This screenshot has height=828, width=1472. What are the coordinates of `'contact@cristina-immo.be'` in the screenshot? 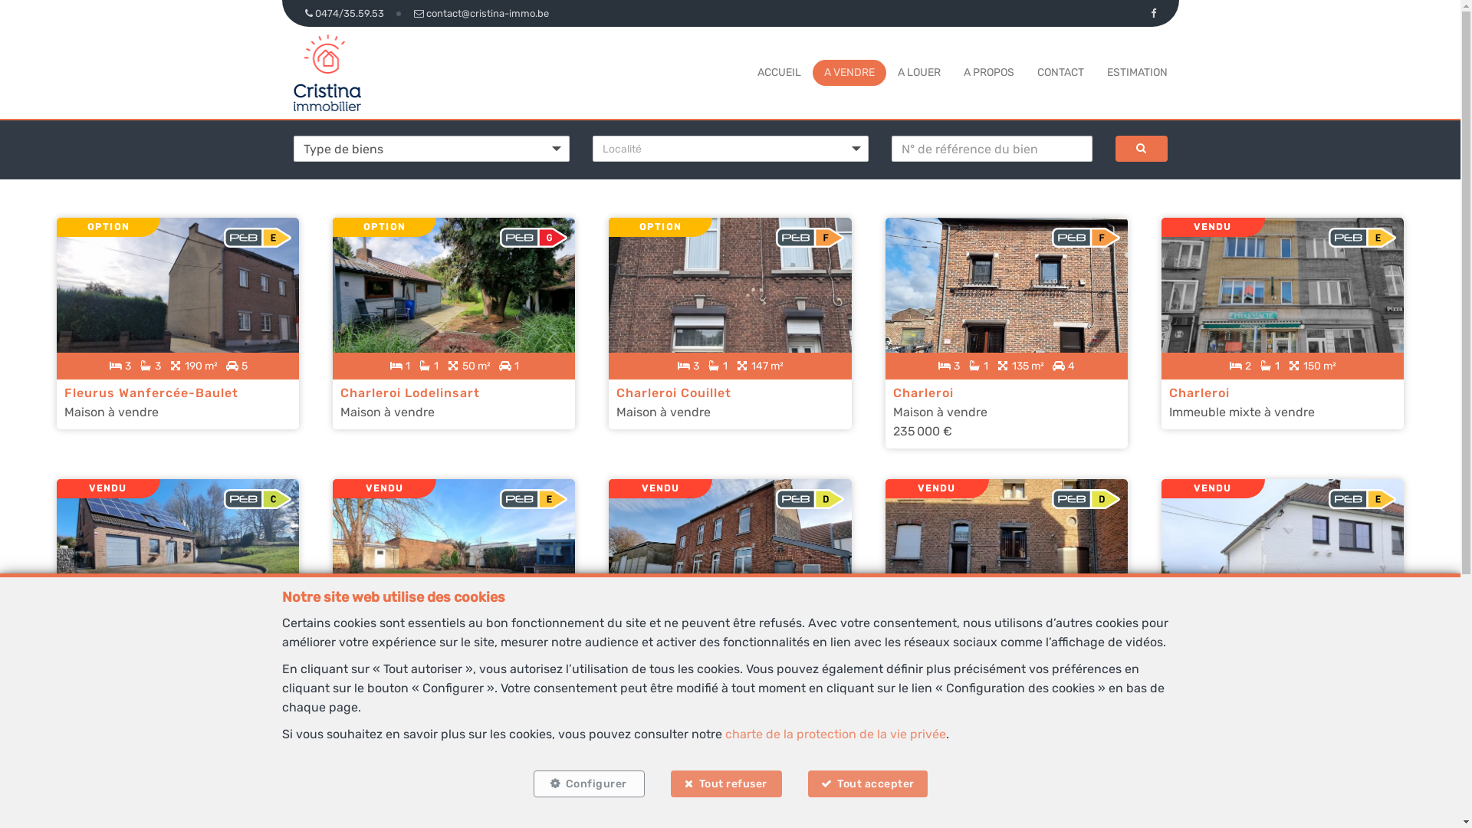 It's located at (480, 13).